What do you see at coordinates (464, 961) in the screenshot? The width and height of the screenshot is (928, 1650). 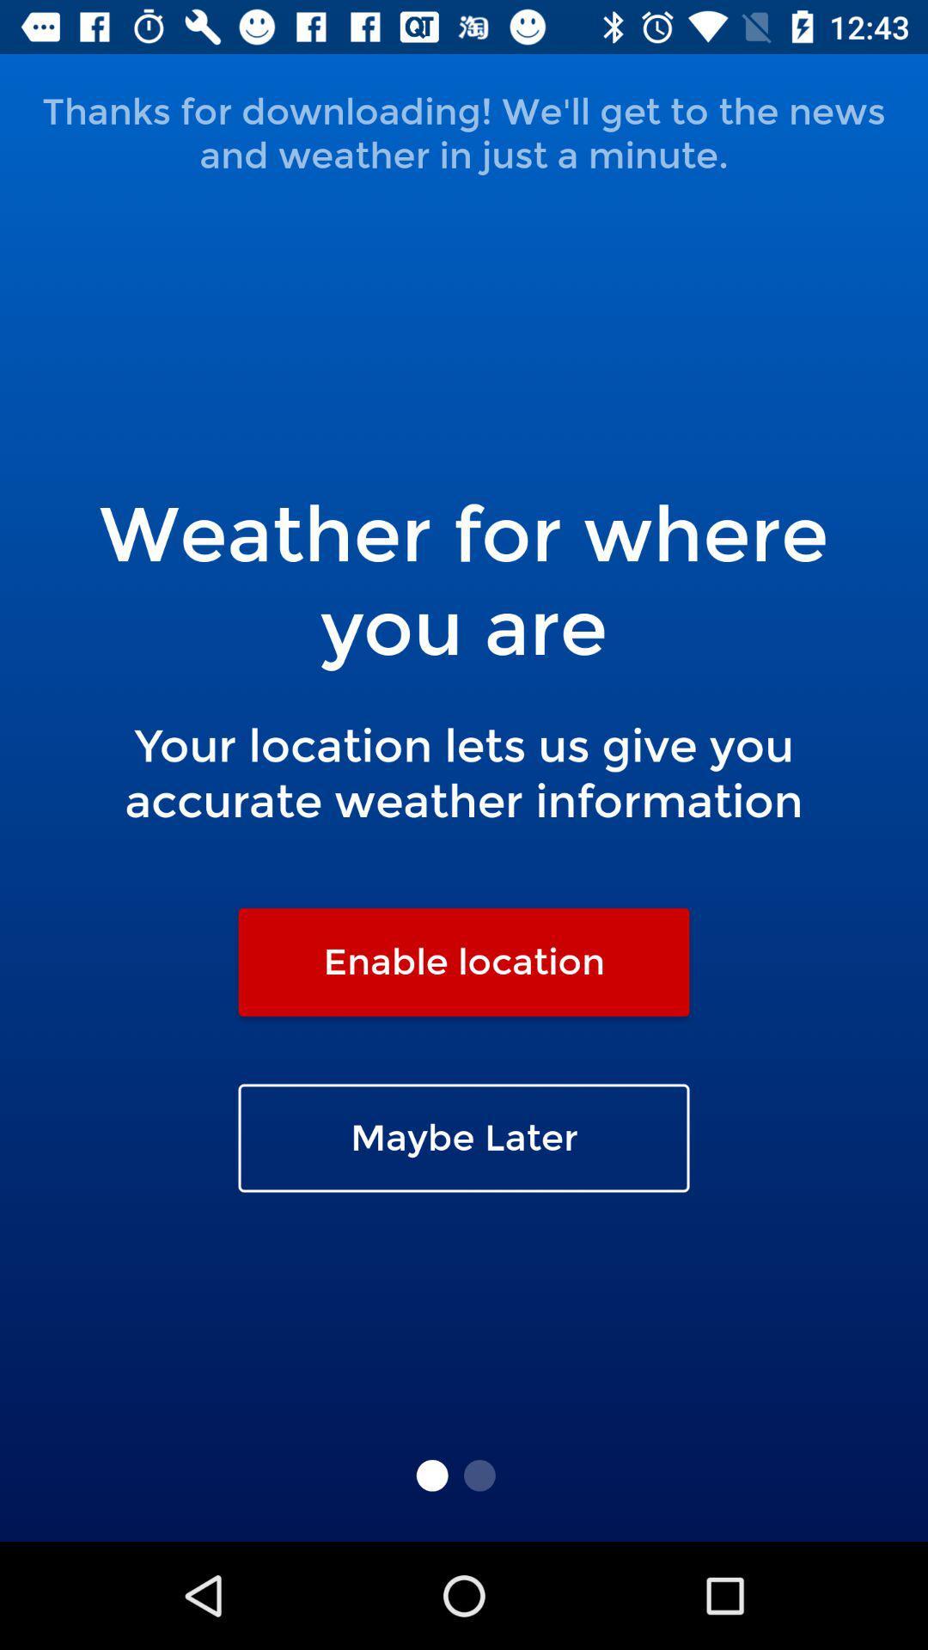 I see `enable location` at bounding box center [464, 961].